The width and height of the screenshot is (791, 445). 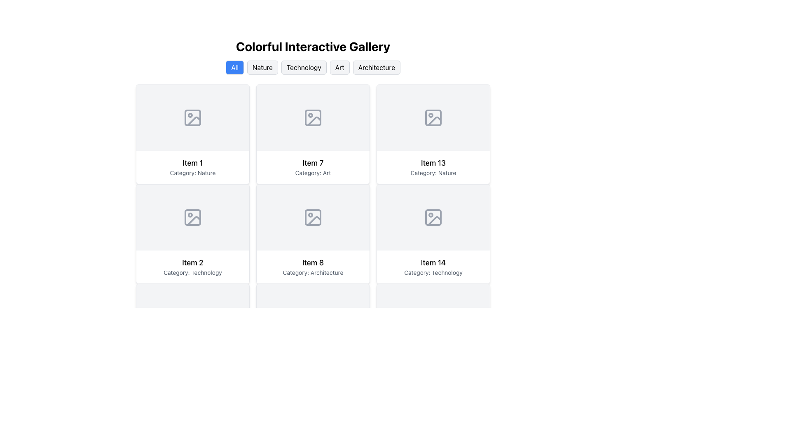 I want to click on the placeholder or icon representing an image located in the upper section of the fourth panel in the grid layout's bottom row, which contains the text 'Item 14' and 'Category: Technology', so click(x=433, y=217).